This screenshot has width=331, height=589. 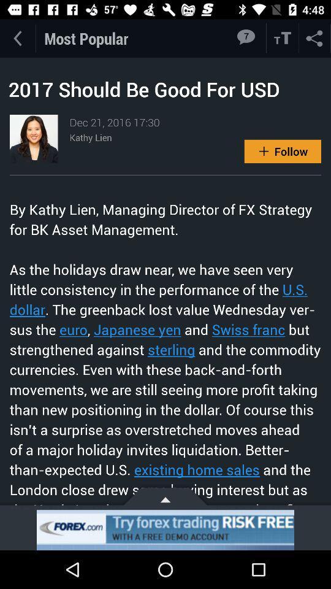 I want to click on advertisement, so click(x=165, y=529).